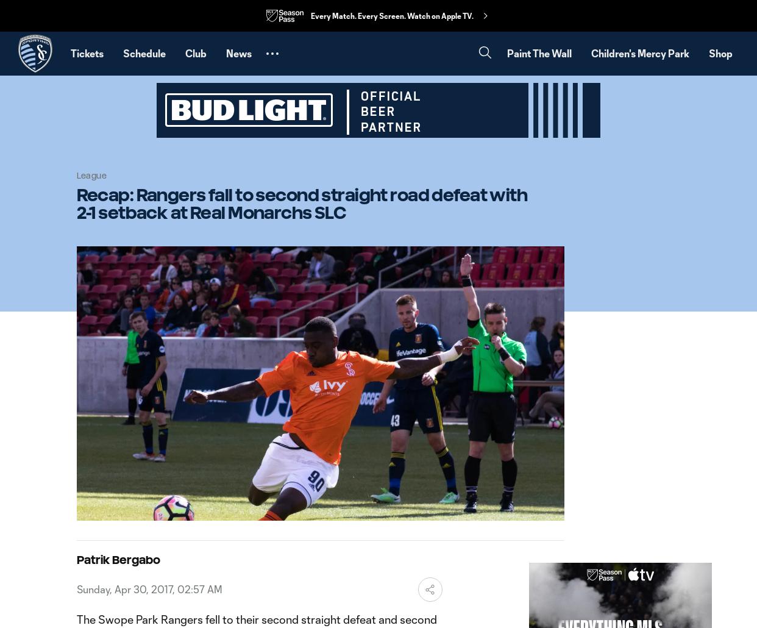 Image resolution: width=757 pixels, height=628 pixels. Describe the element at coordinates (539, 52) in the screenshot. I see `'Paint The Wall'` at that location.